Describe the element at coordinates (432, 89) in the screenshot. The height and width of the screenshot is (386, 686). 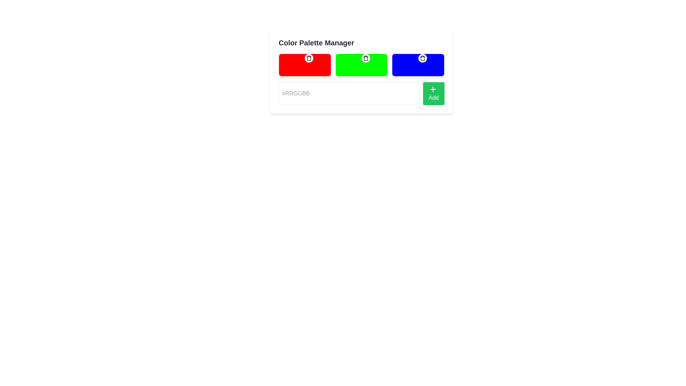
I see `the plus icon that is centered within the green 'Add' button at the bottom-right of the card-like interface` at that location.